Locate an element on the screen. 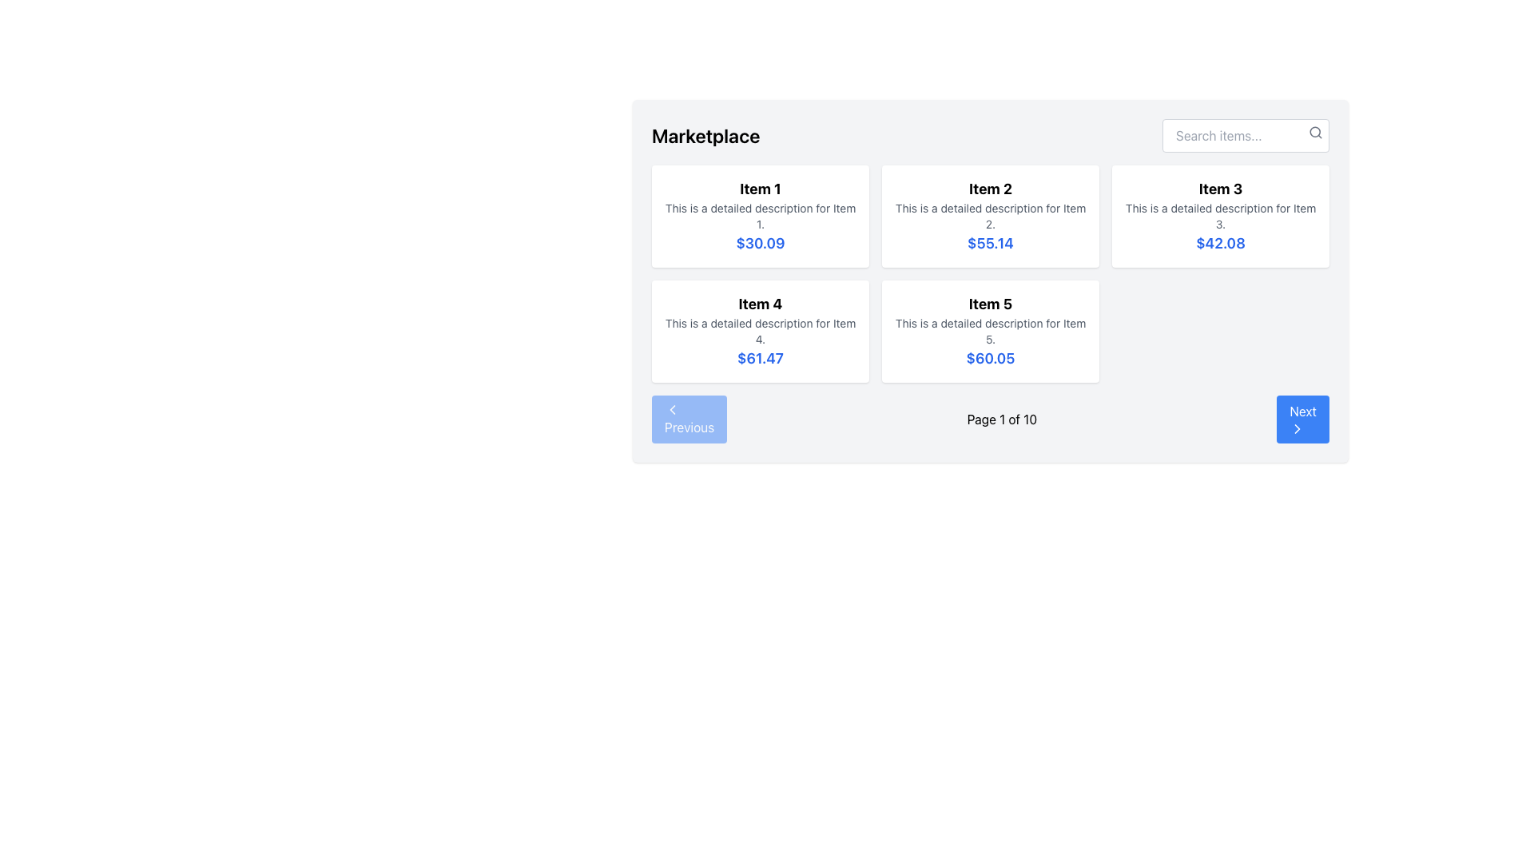  the directional indicator icon for the 'Next' action located at the bottom-right corner of the pagination control is located at coordinates (1298, 428).